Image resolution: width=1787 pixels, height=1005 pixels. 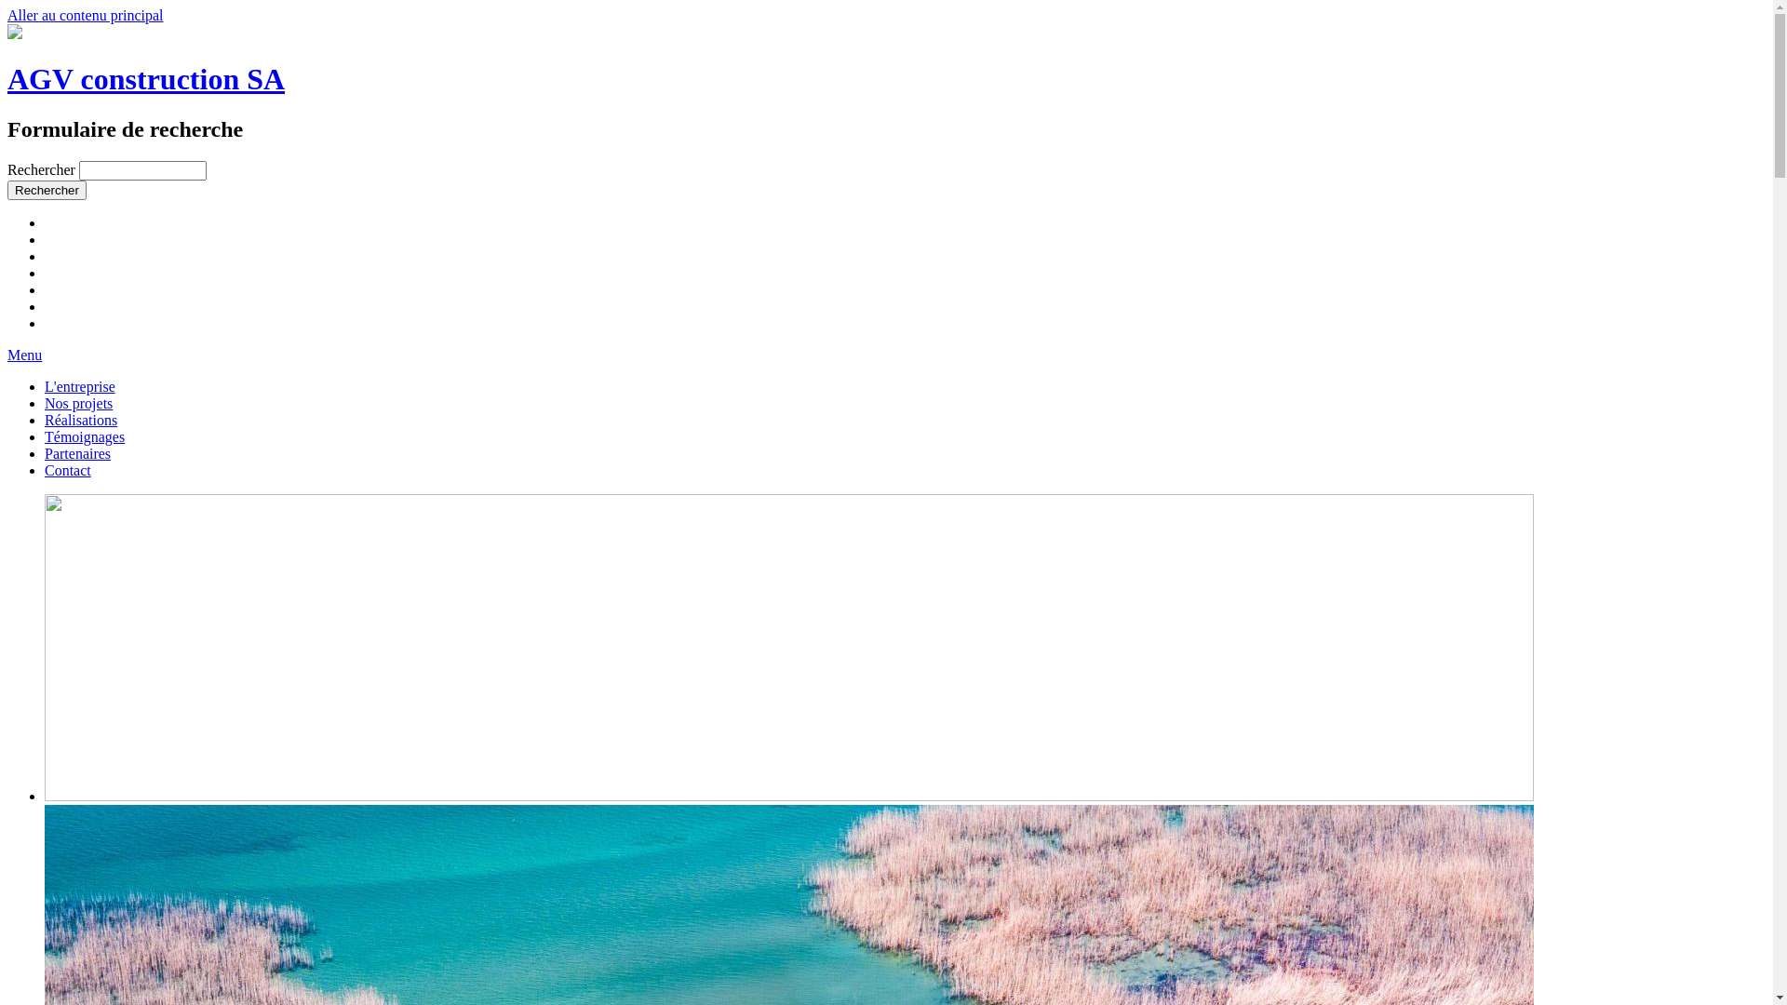 What do you see at coordinates (77, 402) in the screenshot?
I see `'Nos projets'` at bounding box center [77, 402].